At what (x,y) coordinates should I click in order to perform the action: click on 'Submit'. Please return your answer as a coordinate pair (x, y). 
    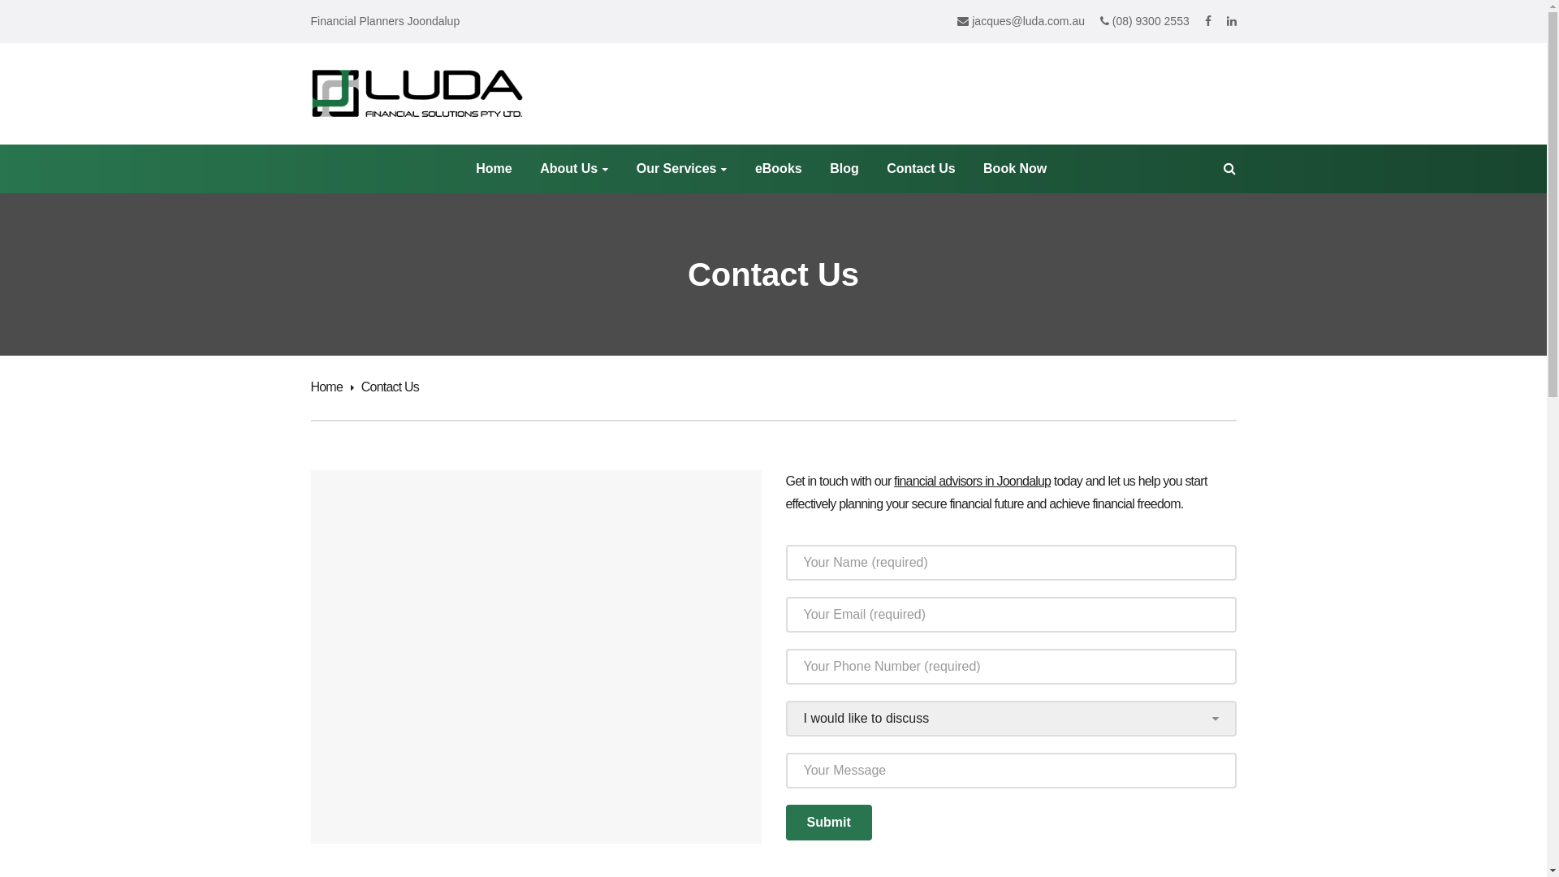
    Looking at the image, I should click on (829, 823).